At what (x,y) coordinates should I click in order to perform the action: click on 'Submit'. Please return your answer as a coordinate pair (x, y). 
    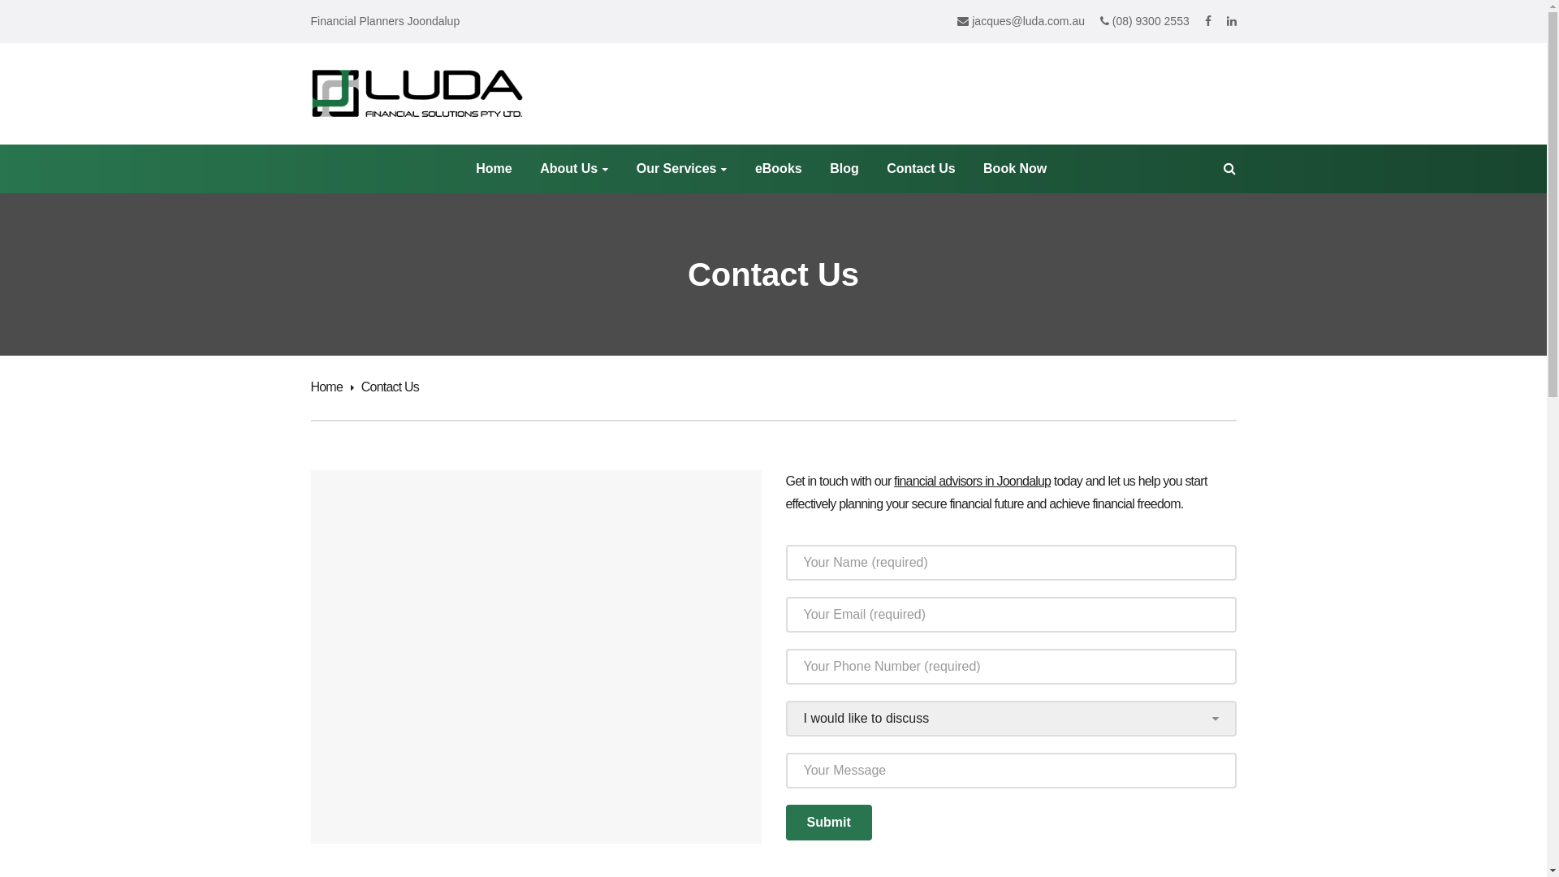
    Looking at the image, I should click on (829, 823).